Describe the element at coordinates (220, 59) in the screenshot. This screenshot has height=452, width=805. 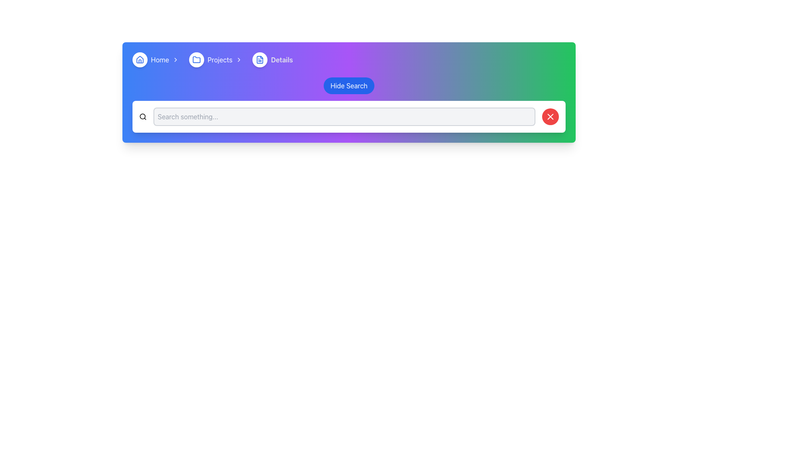
I see `the 'Projects' hyperlink in the breadcrumb navigation bar` at that location.